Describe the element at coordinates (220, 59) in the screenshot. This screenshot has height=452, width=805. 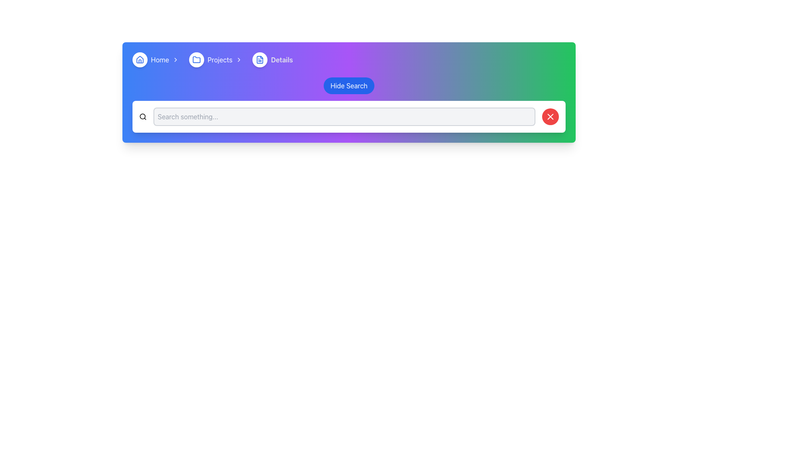
I see `the 'Projects' hyperlink in the breadcrumb navigation bar` at that location.